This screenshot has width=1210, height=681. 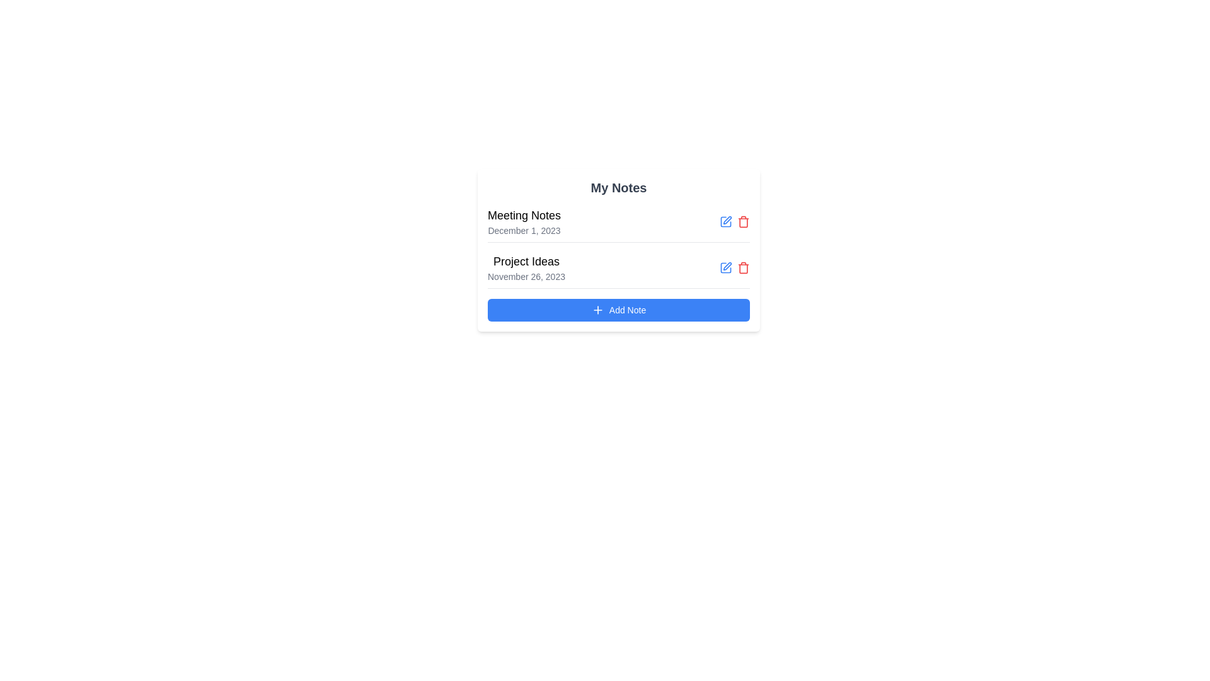 What do you see at coordinates (524, 231) in the screenshot?
I see `the date text element located directly below the title 'Meeting Notes' in the upper region of the card` at bounding box center [524, 231].